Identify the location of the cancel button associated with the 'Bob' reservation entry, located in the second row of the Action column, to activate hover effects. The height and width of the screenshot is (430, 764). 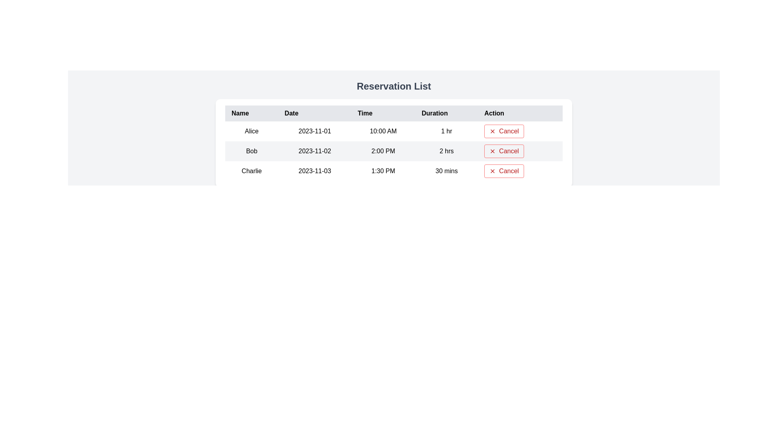
(504, 151).